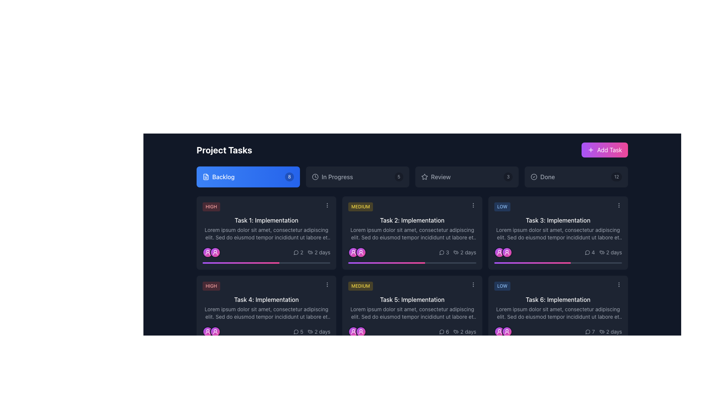 The image size is (719, 404). Describe the element at coordinates (386, 342) in the screenshot. I see `the length of the Progress bar fill indicating 60% completion of Task 5 in the implementation process` at that location.